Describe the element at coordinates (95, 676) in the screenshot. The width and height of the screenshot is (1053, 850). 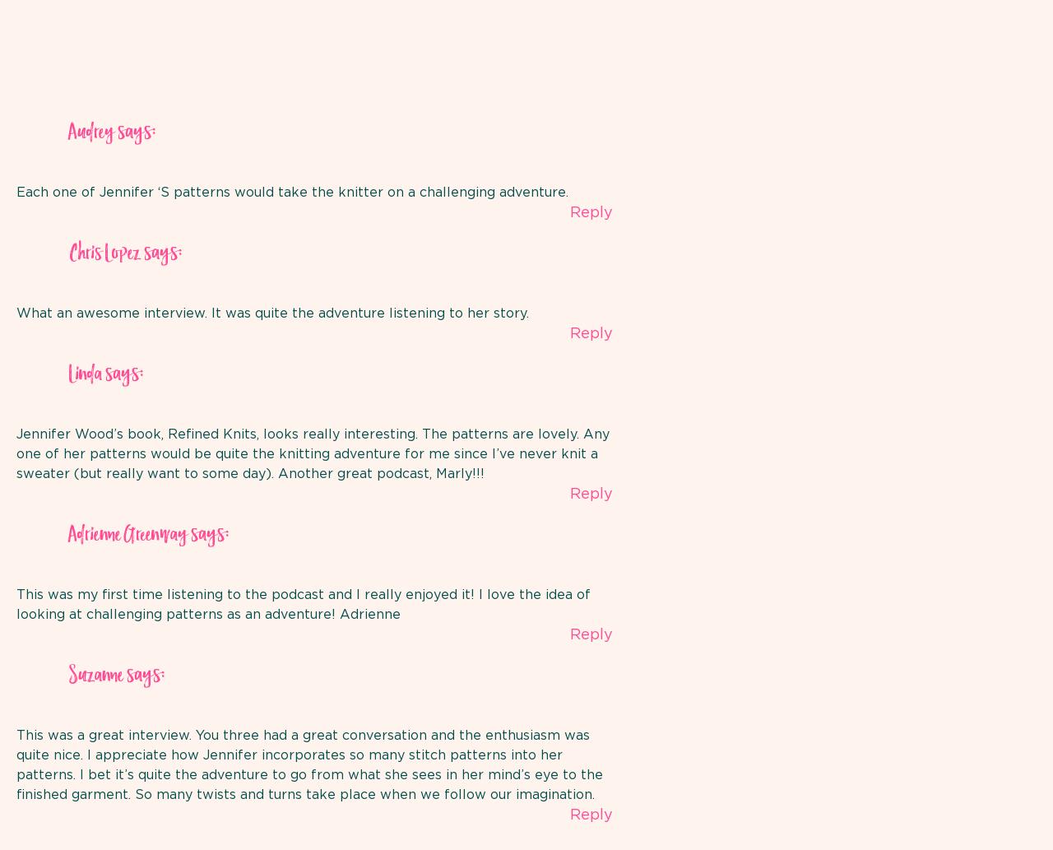
I see `'Suzanne'` at that location.